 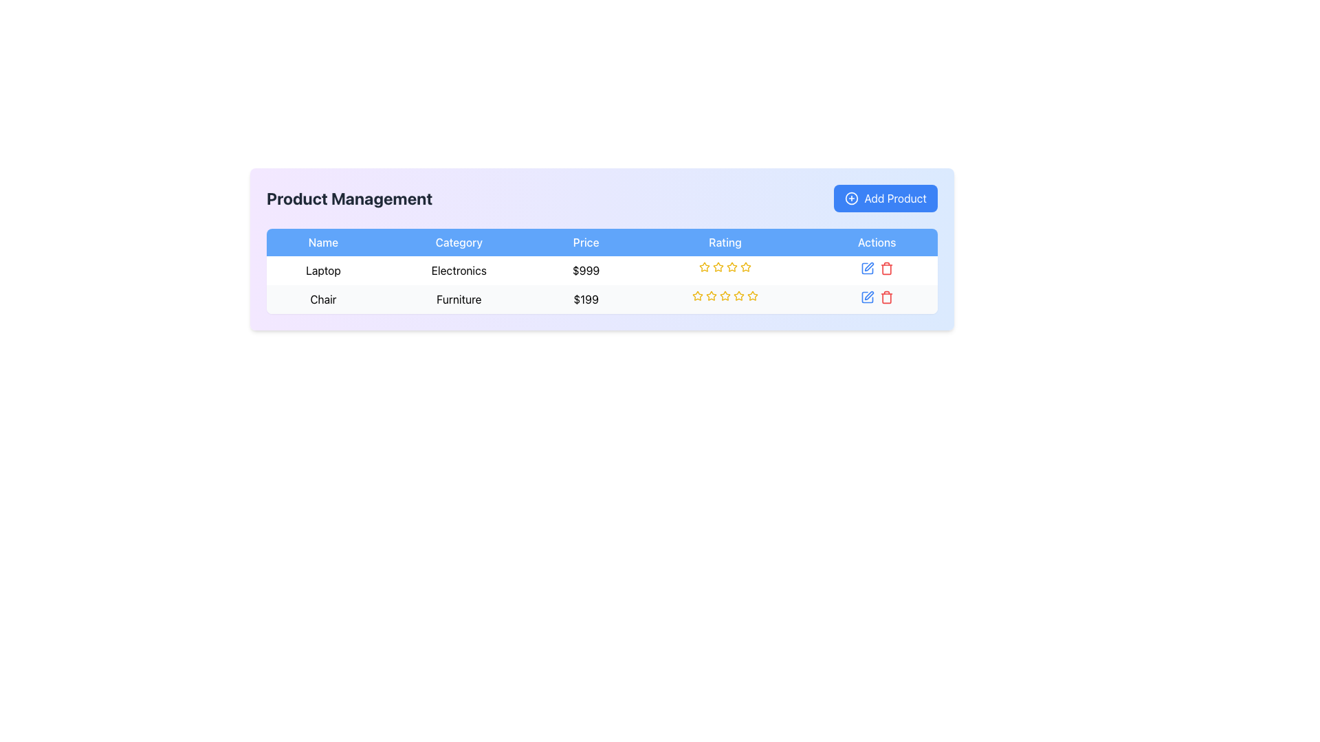 I want to click on the delete icon button located in the last column of the first row under the 'Actions' header, so click(x=886, y=268).